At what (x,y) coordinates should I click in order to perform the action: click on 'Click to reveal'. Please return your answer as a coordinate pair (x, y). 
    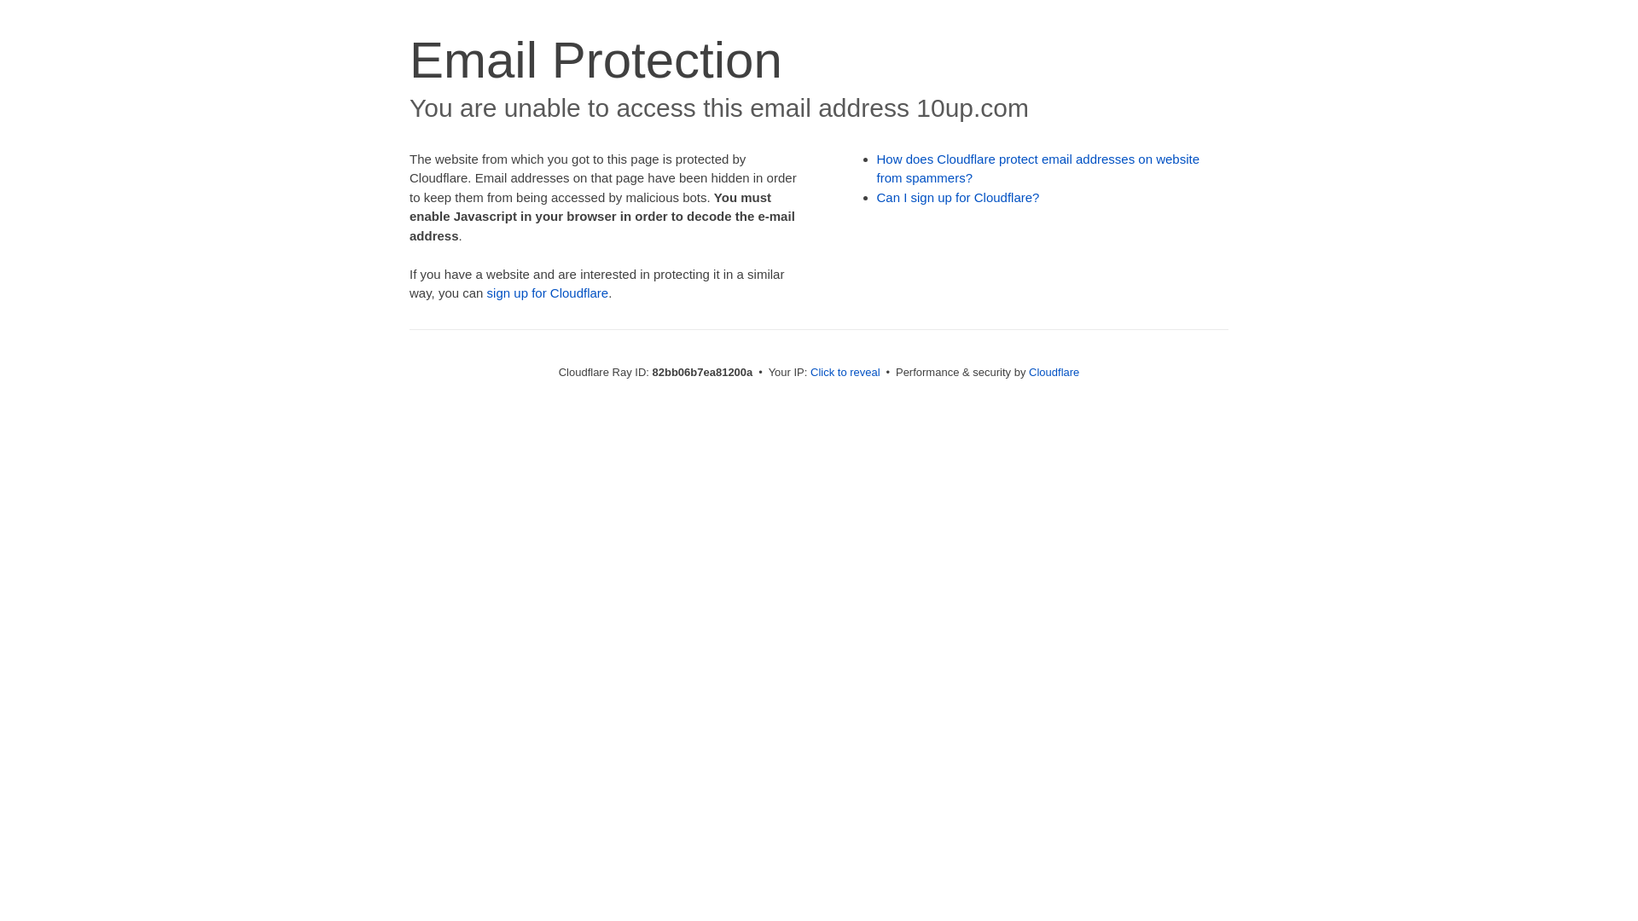
    Looking at the image, I should click on (845, 371).